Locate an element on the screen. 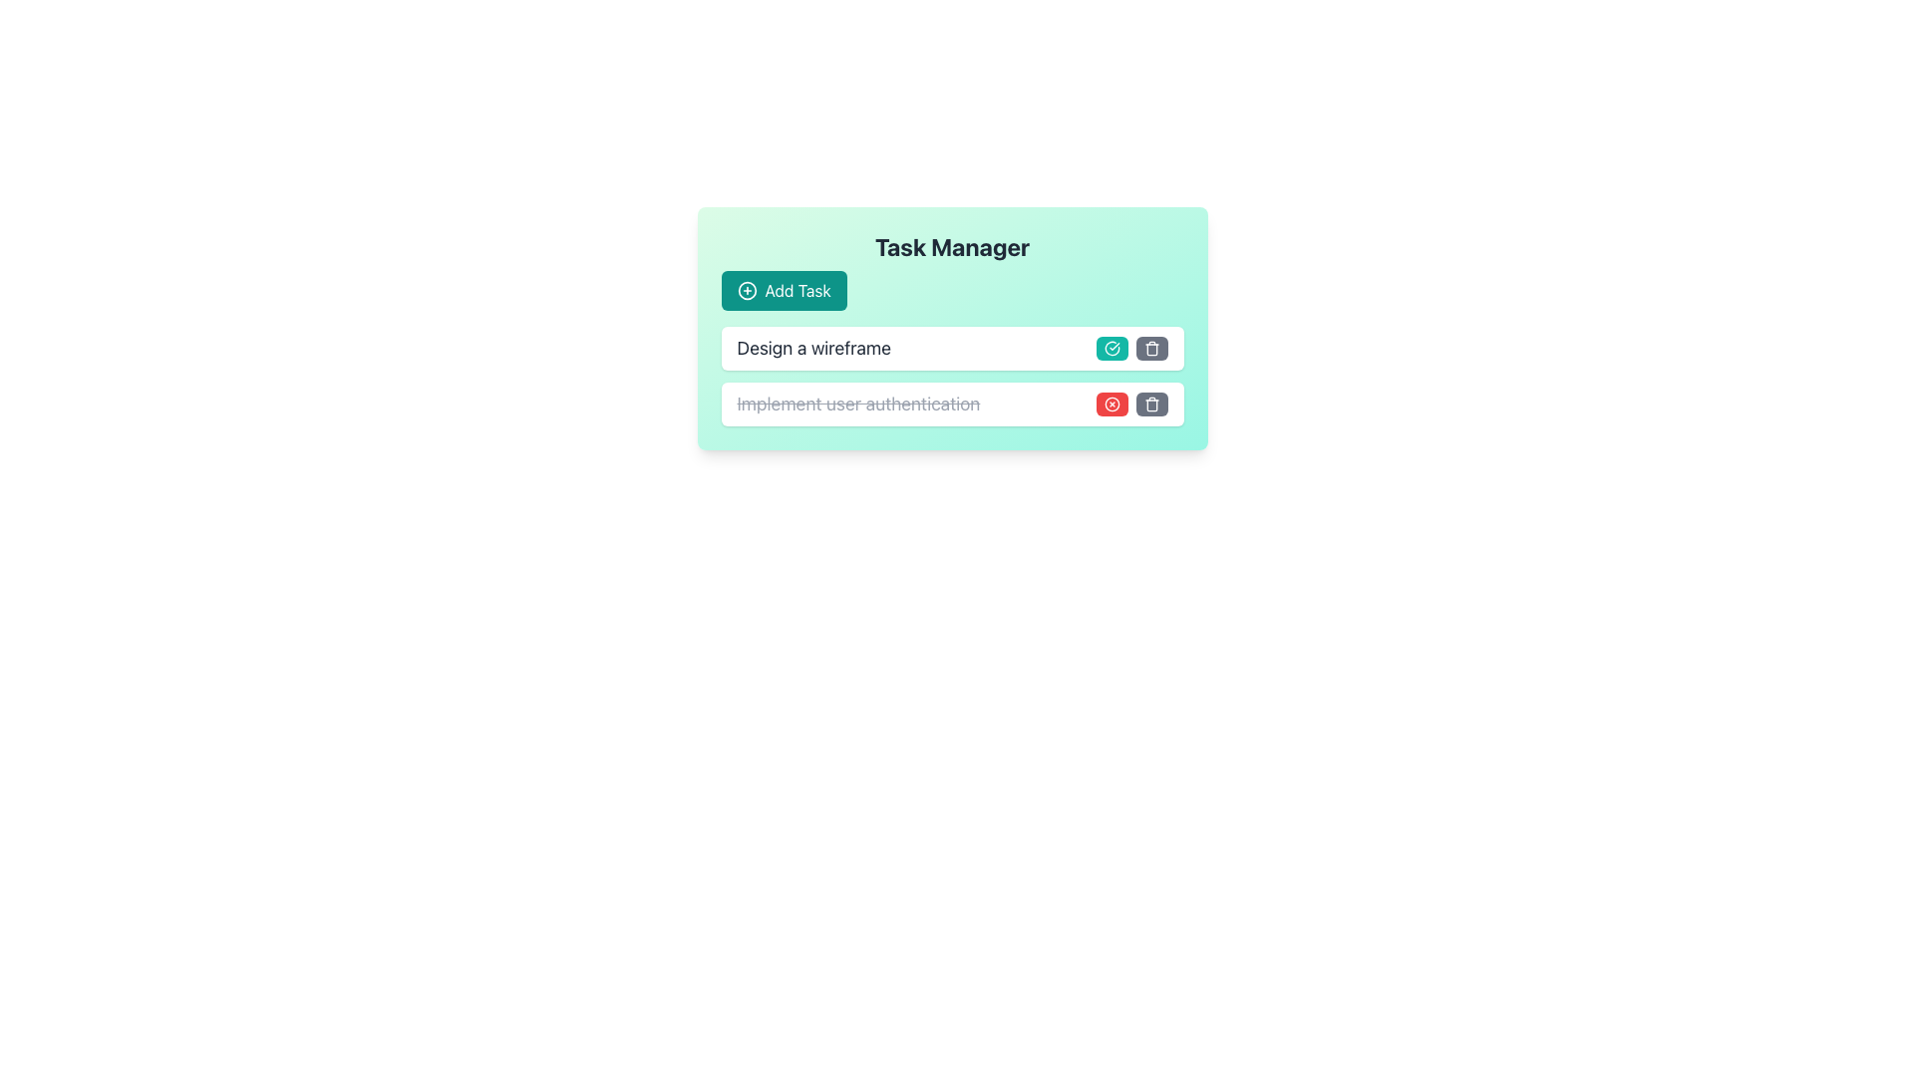 The height and width of the screenshot is (1076, 1914). the 'Add Task' icon located to the left of the button labeled 'Add Task' in the upper-left segment of the main interface is located at coordinates (746, 291).